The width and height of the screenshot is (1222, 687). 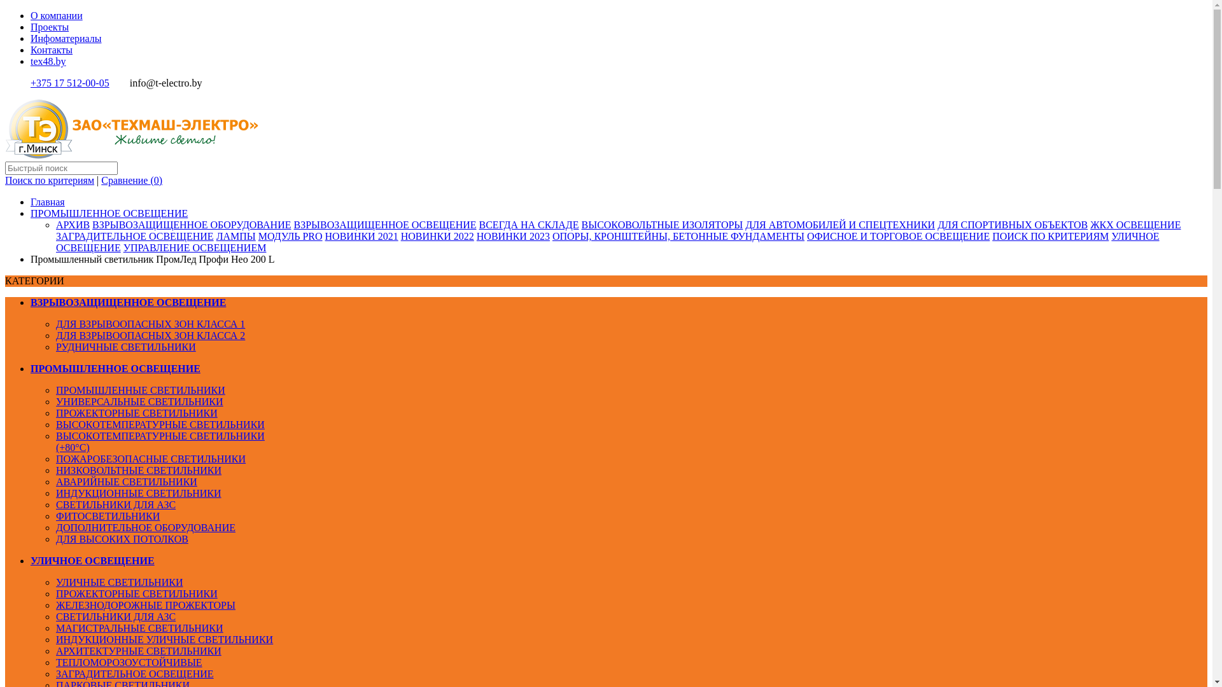 What do you see at coordinates (48, 61) in the screenshot?
I see `'tex48.by'` at bounding box center [48, 61].